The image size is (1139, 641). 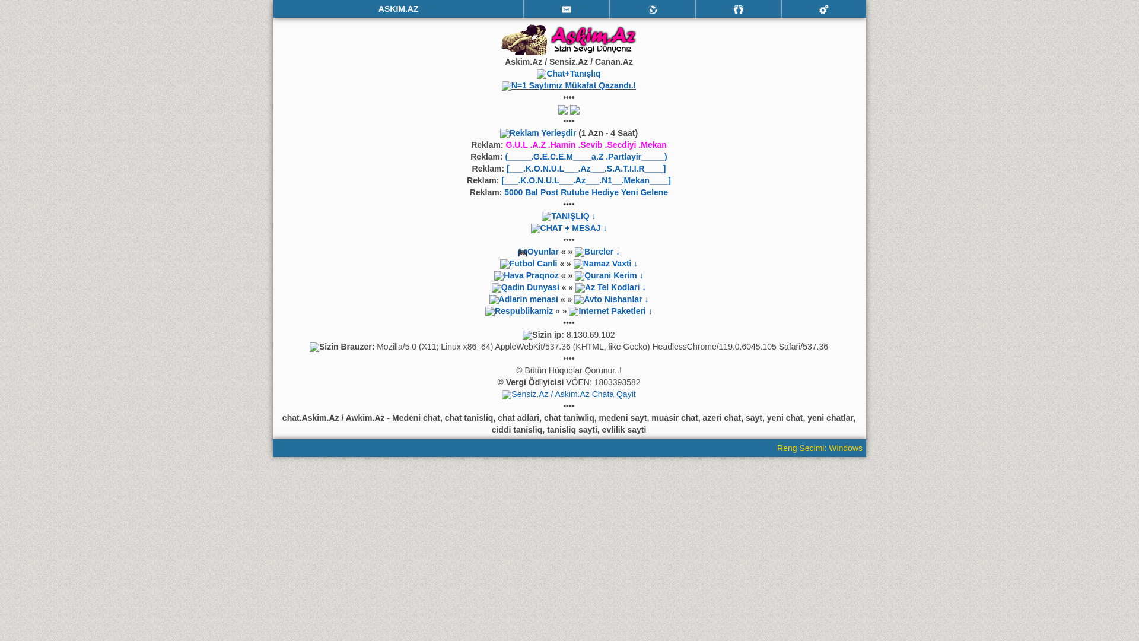 What do you see at coordinates (533, 262) in the screenshot?
I see `'Futbol Canli'` at bounding box center [533, 262].